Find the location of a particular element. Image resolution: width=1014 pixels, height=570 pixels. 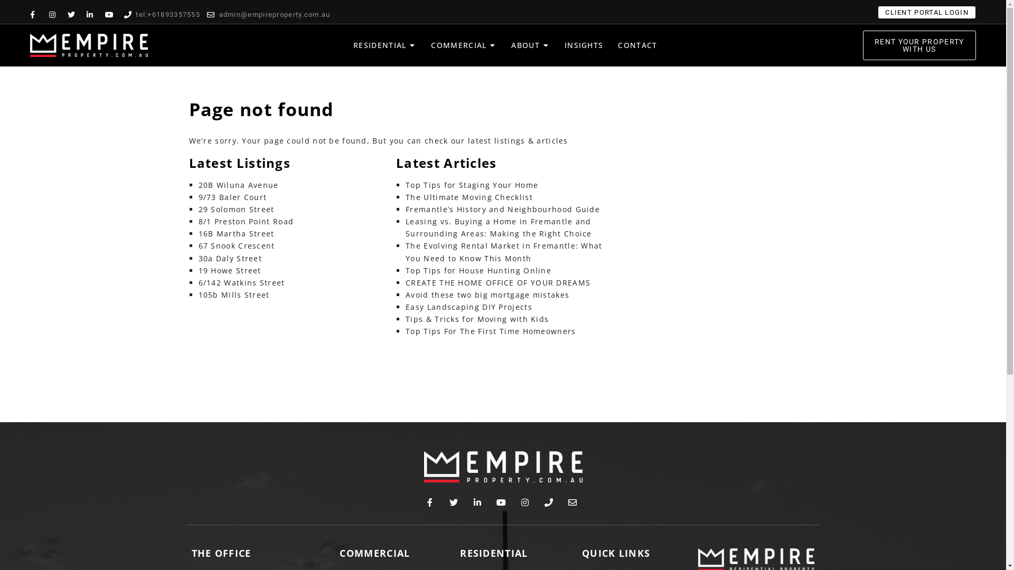

'RESIDENTIAL' is located at coordinates (353, 44).